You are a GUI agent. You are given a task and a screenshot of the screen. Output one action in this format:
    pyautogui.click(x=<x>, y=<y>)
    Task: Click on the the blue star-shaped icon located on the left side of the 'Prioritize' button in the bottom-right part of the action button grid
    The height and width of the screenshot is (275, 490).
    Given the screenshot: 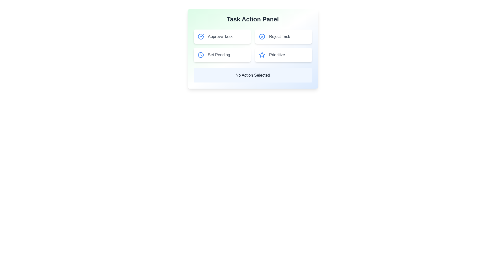 What is the action you would take?
    pyautogui.click(x=262, y=55)
    